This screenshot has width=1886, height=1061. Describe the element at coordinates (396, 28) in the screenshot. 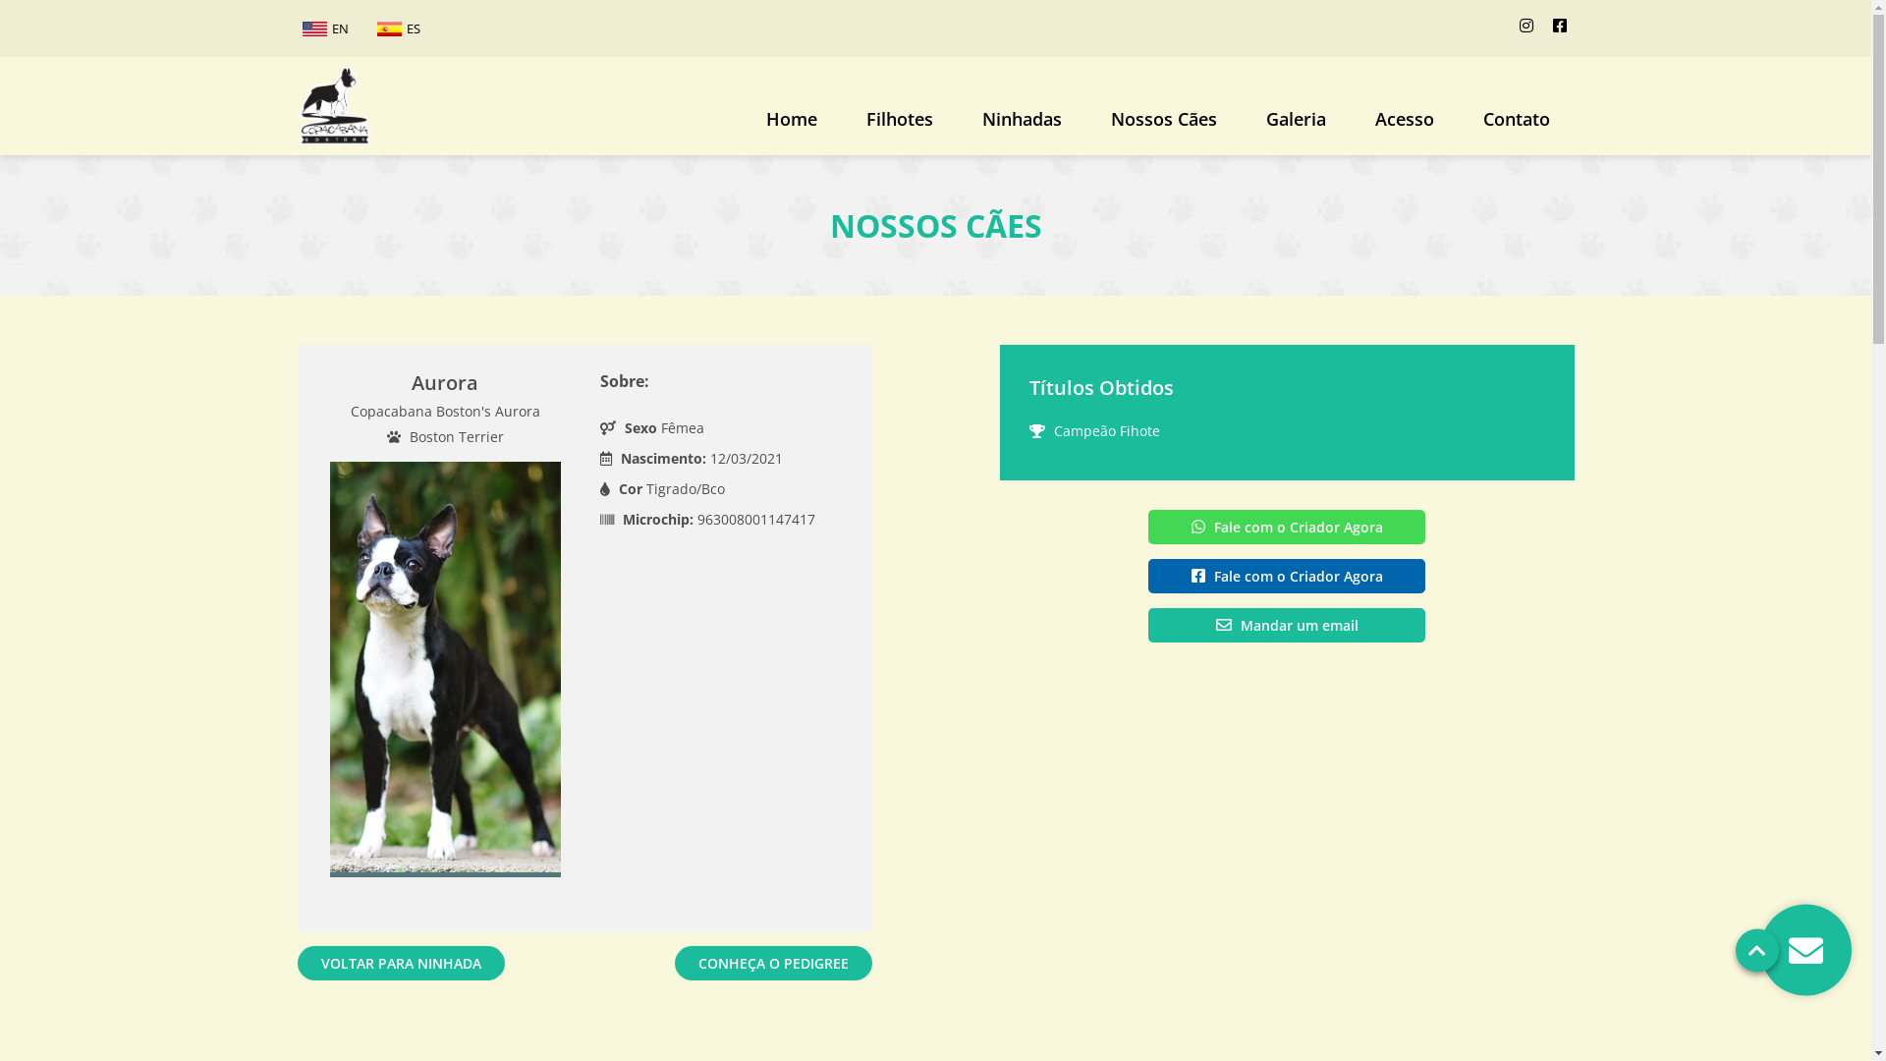

I see `'ES'` at that location.